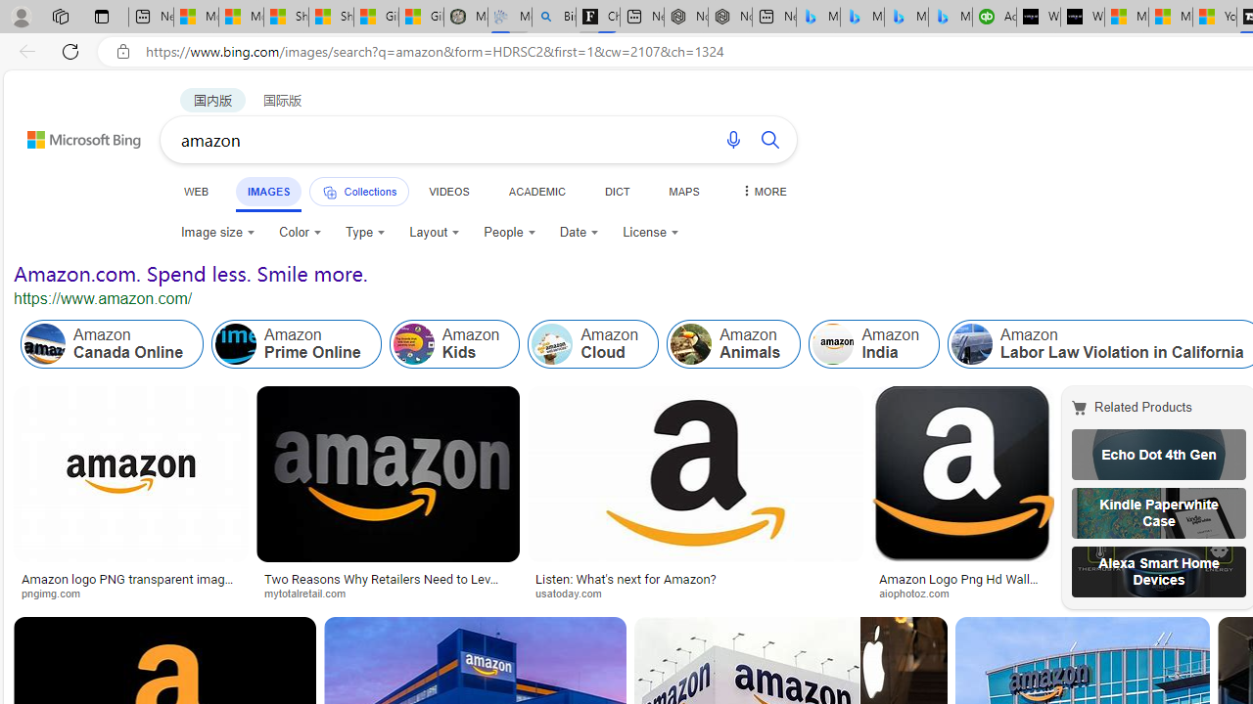 Image resolution: width=1253 pixels, height=704 pixels. What do you see at coordinates (191, 274) in the screenshot?
I see `'Amazon.com. Spend less. Smile more.'` at bounding box center [191, 274].